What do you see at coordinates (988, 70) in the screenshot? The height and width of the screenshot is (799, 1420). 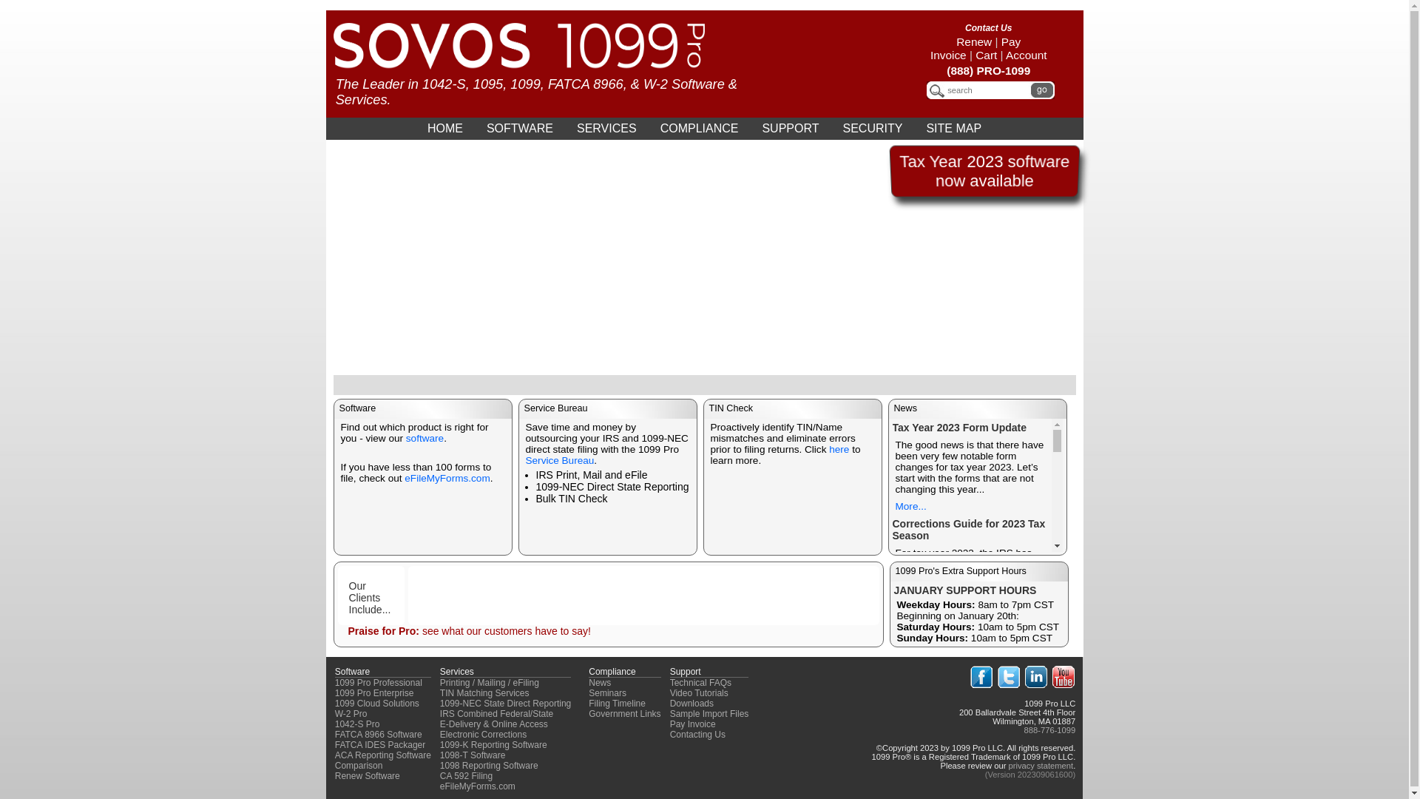 I see `'(888) PRO-1099'` at bounding box center [988, 70].